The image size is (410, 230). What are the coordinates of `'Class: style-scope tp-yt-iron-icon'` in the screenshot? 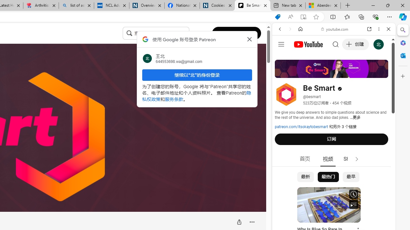 It's located at (357, 159).